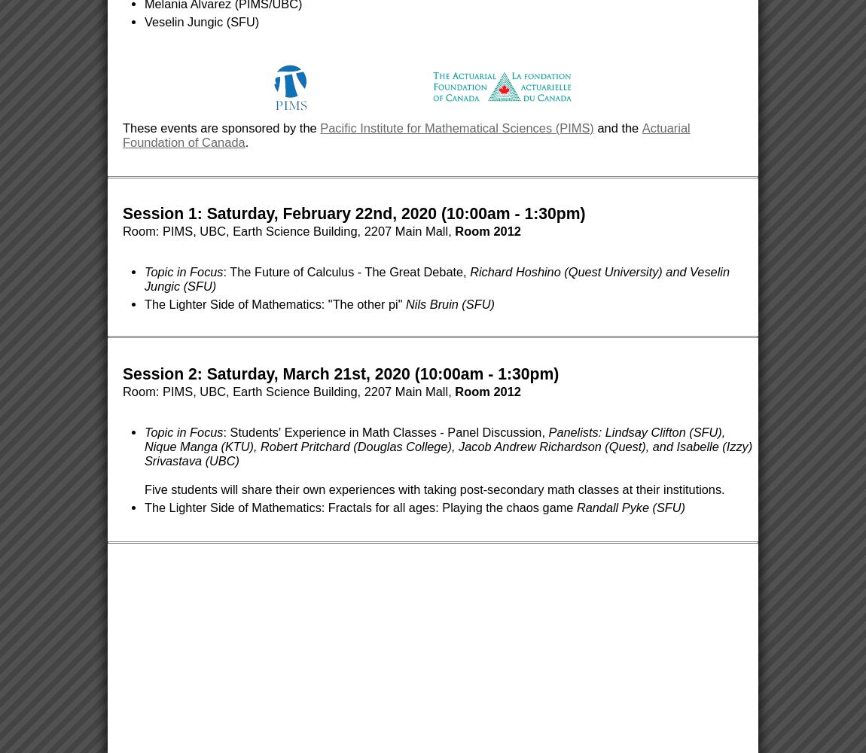  What do you see at coordinates (221, 128) in the screenshot?
I see `'These events are sponsored by the'` at bounding box center [221, 128].